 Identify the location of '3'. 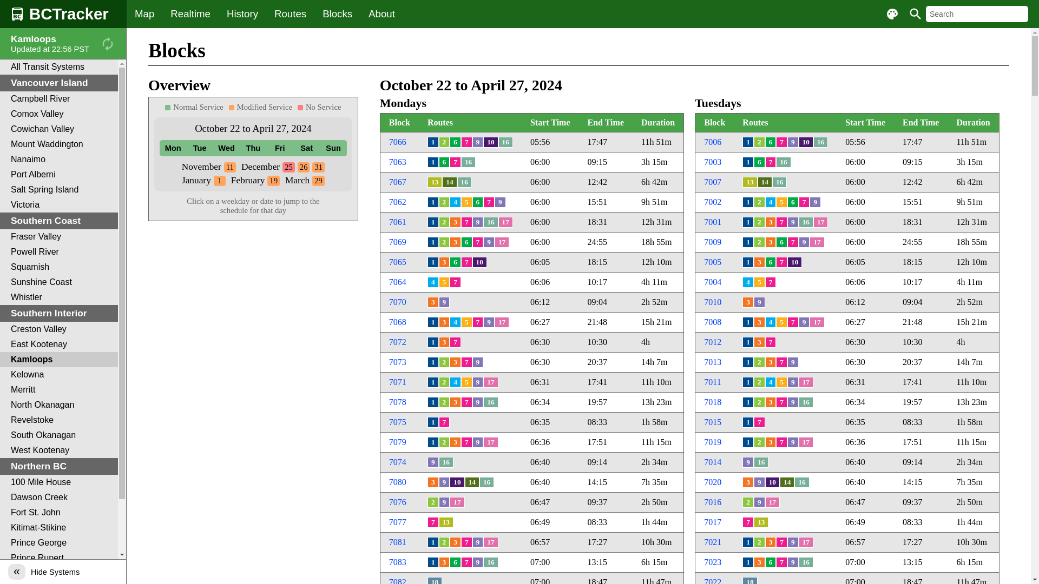
(444, 322).